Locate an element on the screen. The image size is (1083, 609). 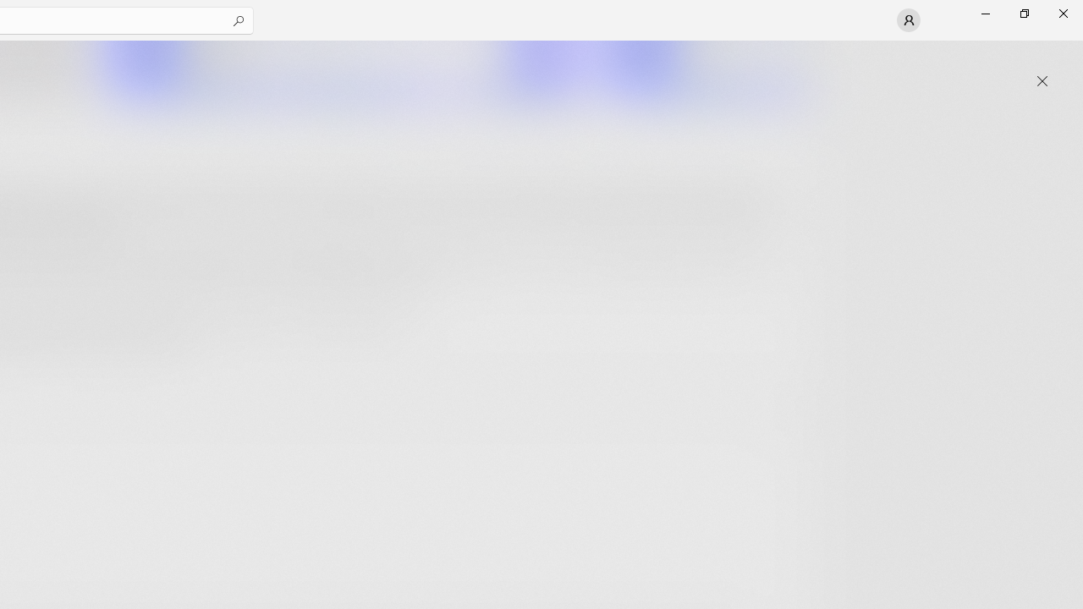
'User profile' is located at coordinates (907, 20).